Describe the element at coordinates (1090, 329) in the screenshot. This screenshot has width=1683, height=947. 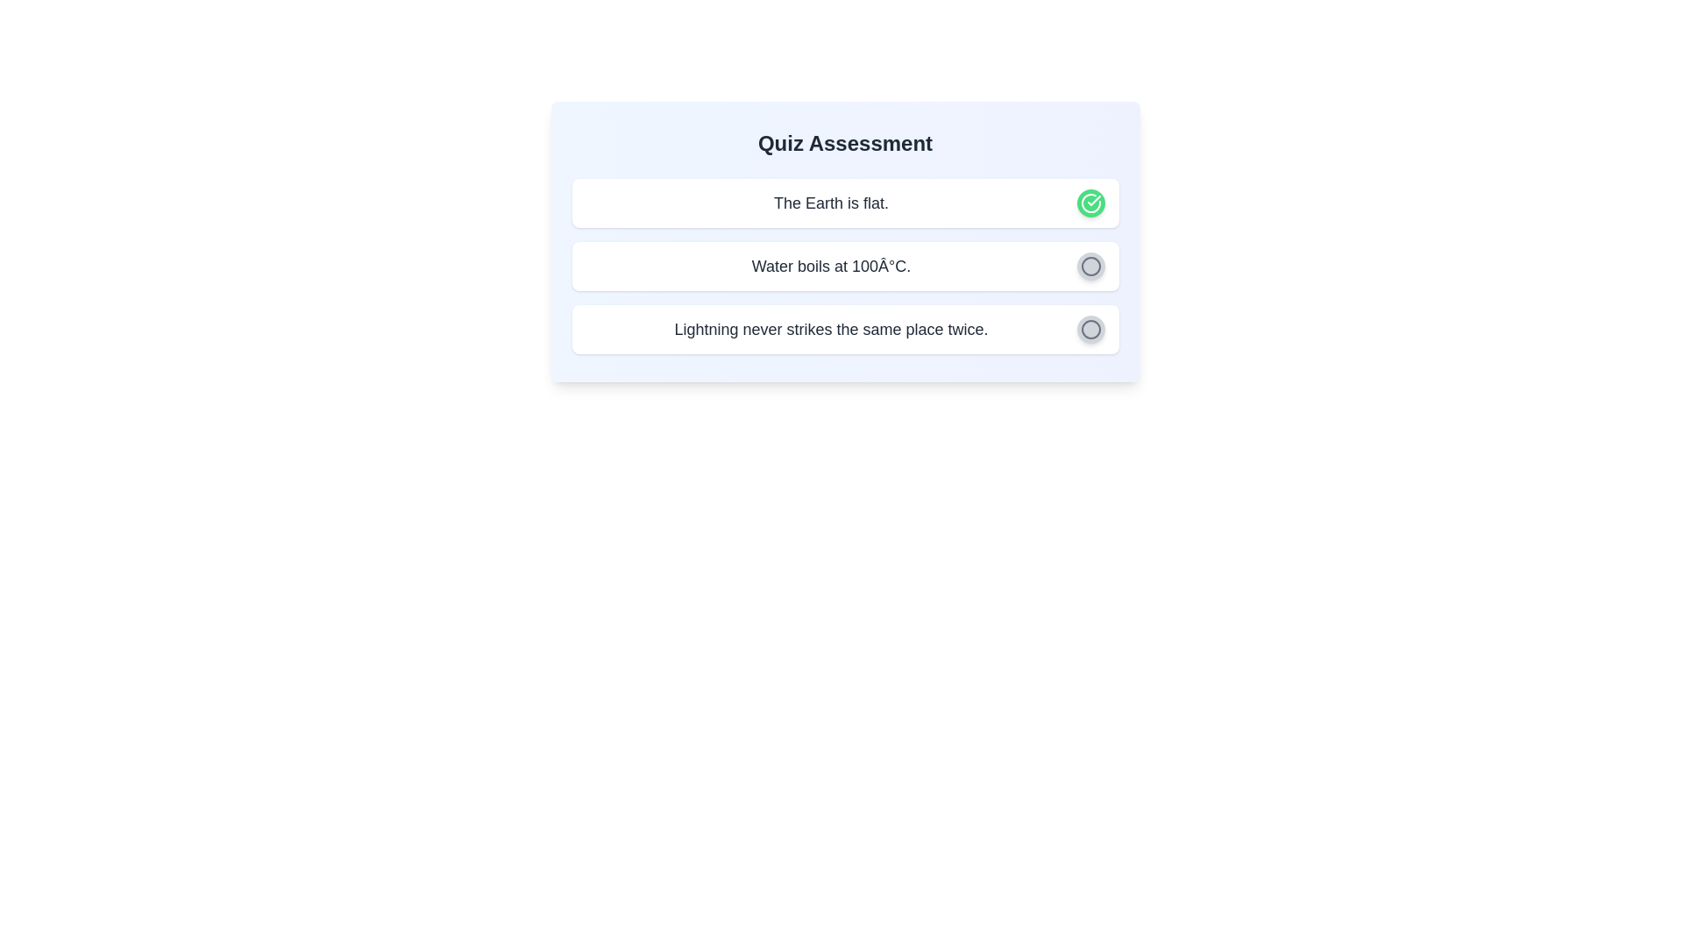
I see `the question 'Lightning never strikes the same place twice.' by clicking the corresponding button` at that location.